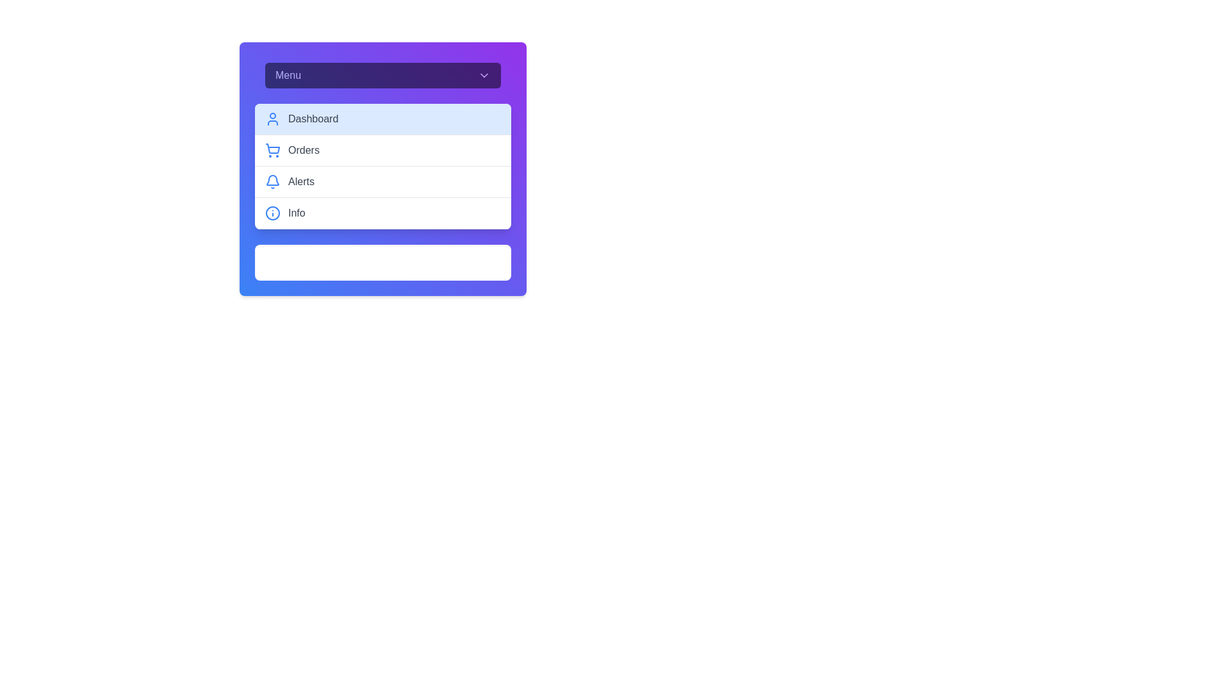 The height and width of the screenshot is (692, 1230). Describe the element at coordinates (382, 76) in the screenshot. I see `the dropdown menu toggle button located at the top of the menu panel` at that location.